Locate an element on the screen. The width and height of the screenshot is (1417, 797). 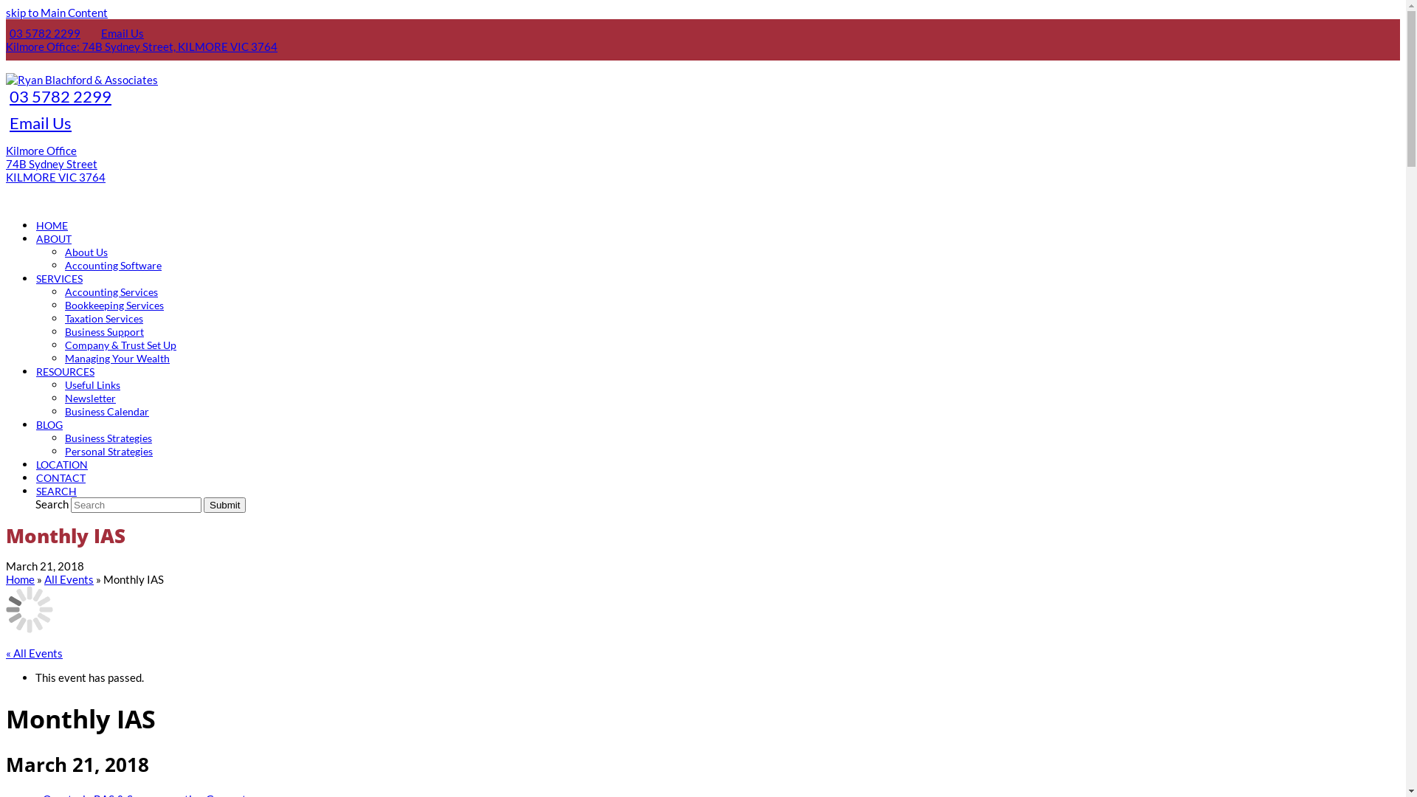
'Business Strategies' is located at coordinates (108, 437).